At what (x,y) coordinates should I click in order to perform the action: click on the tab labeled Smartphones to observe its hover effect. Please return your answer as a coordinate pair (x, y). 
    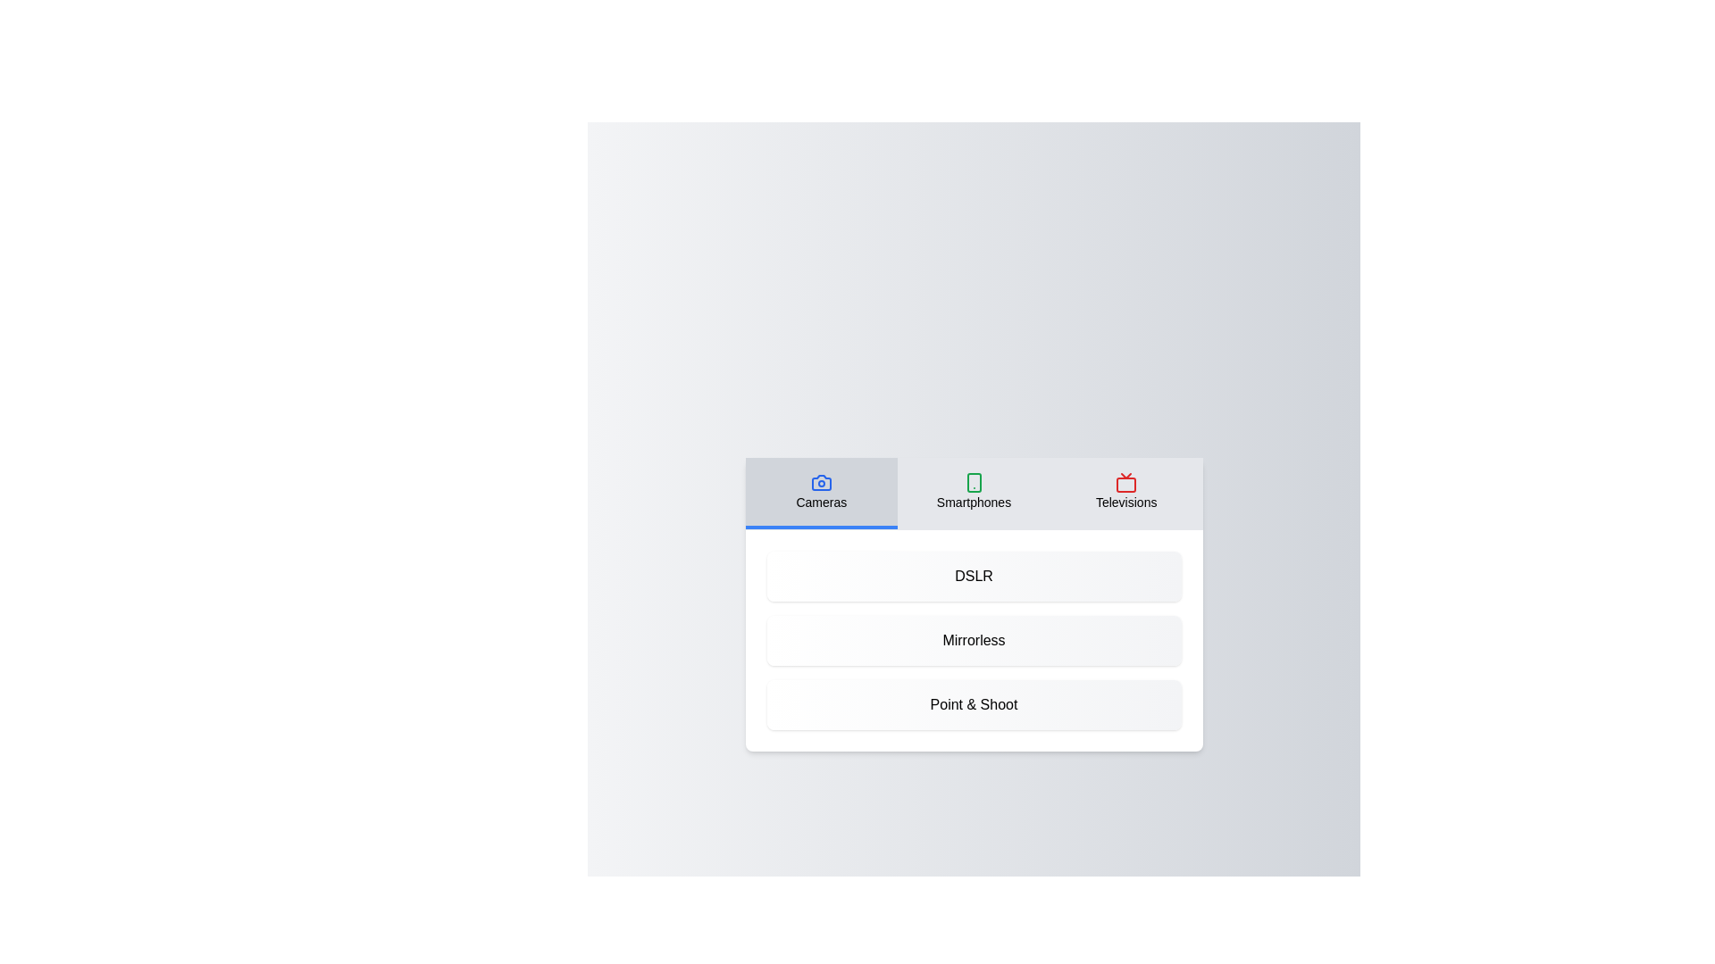
    Looking at the image, I should click on (973, 493).